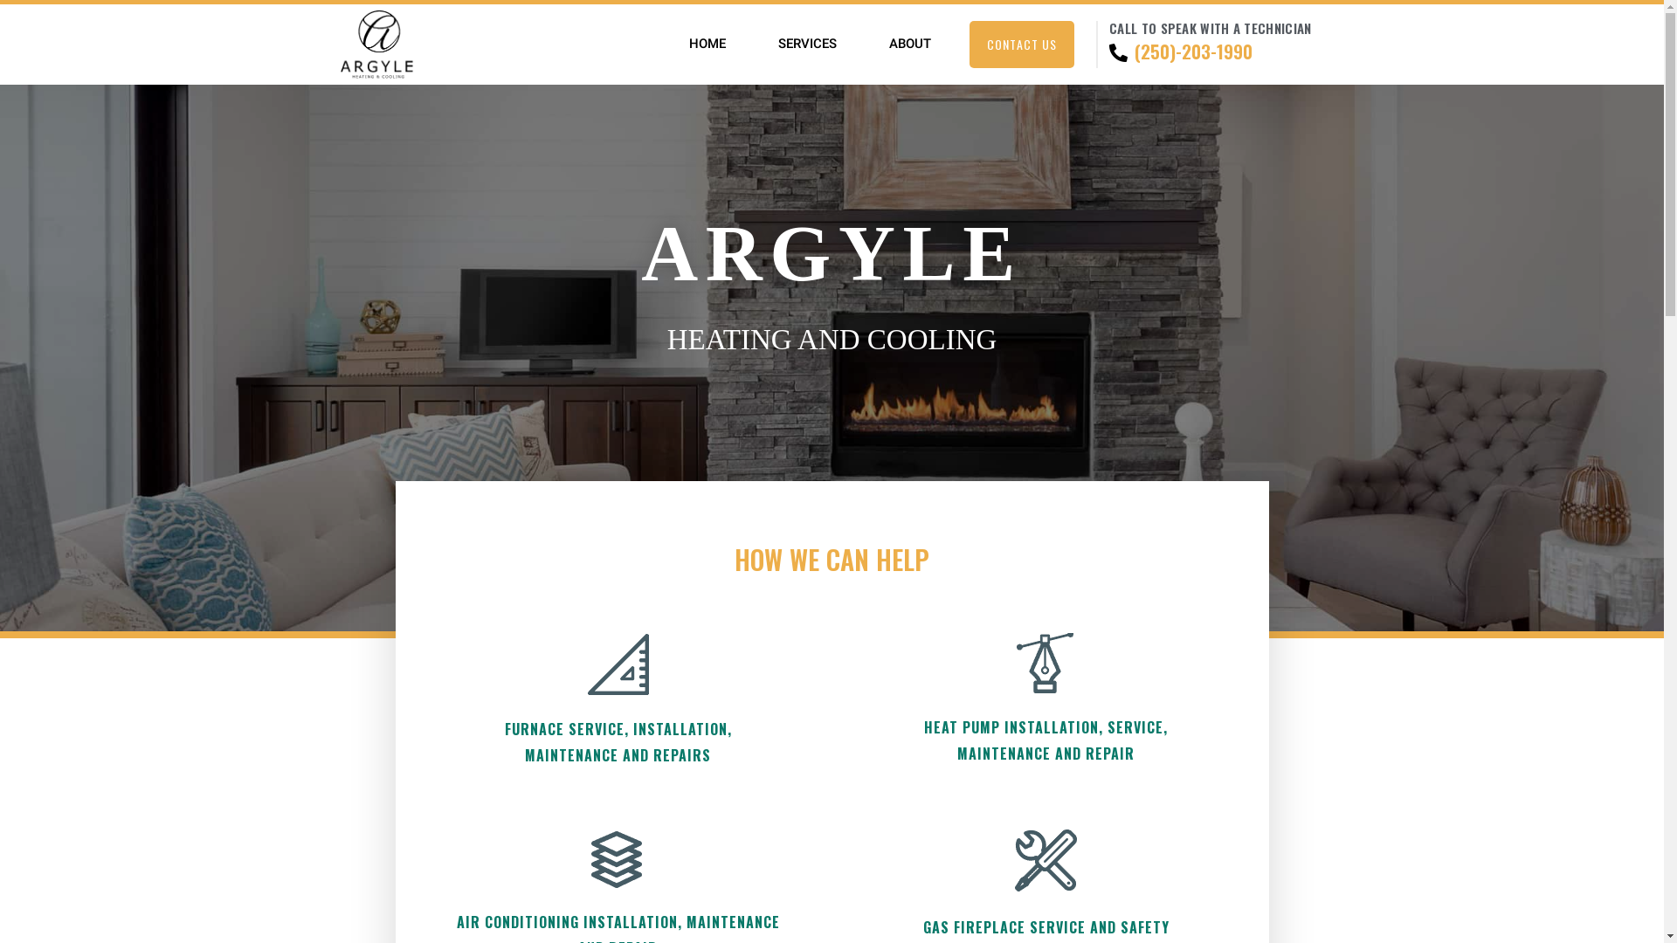 The width and height of the screenshot is (1677, 943). What do you see at coordinates (968, 43) in the screenshot?
I see `'CONTACT US'` at bounding box center [968, 43].